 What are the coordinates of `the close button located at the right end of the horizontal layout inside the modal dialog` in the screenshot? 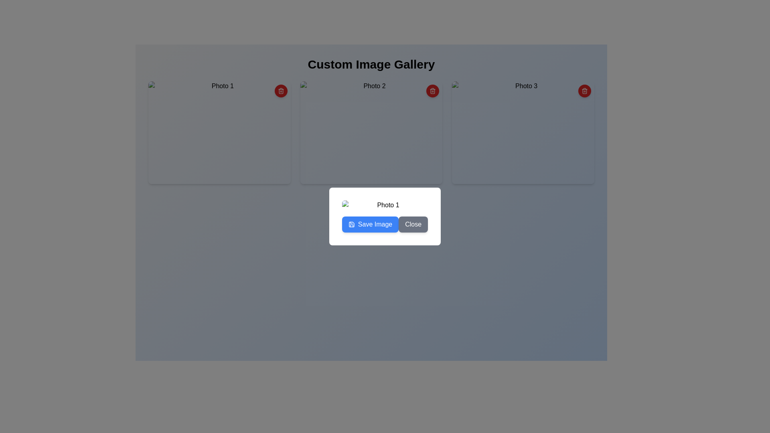 It's located at (413, 224).